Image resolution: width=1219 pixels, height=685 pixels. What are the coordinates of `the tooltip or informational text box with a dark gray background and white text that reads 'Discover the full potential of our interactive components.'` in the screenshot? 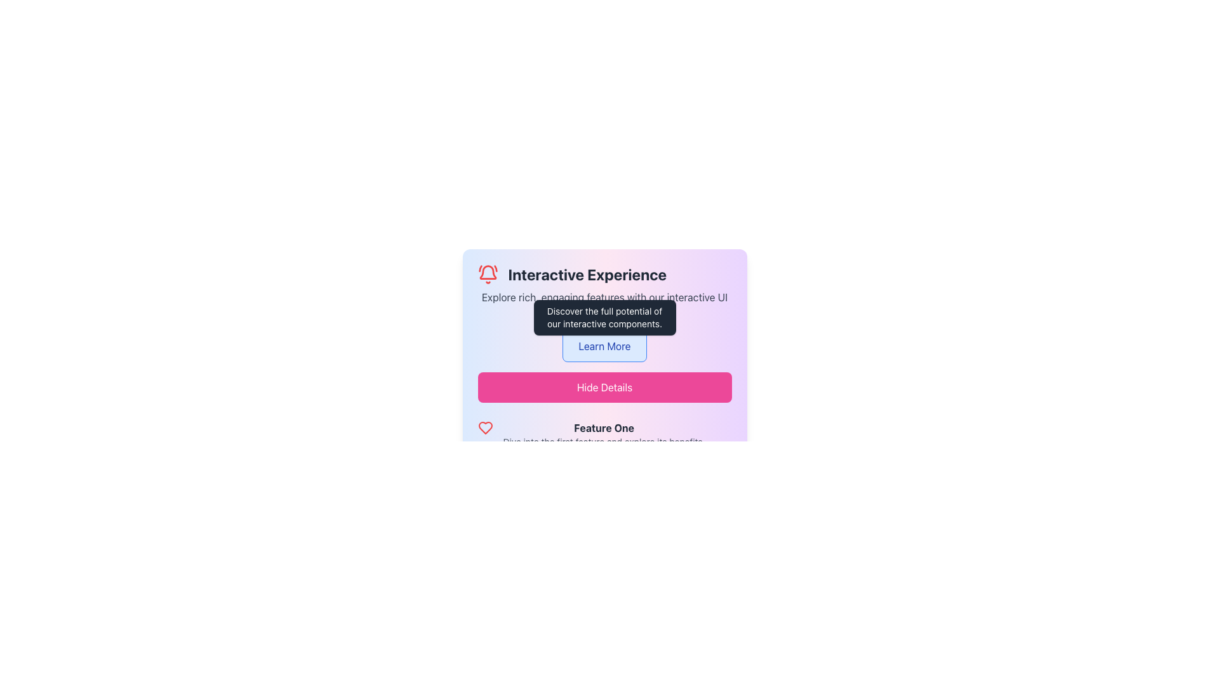 It's located at (604, 317).